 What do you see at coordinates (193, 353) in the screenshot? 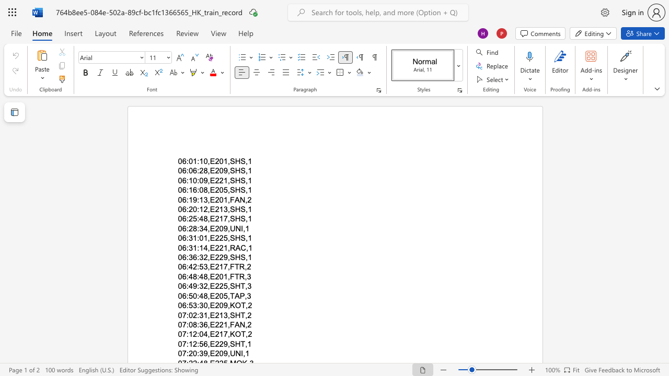
I see `the subset text "0:39,E209,UNI,1" within the text "07:20:39,E209,UNI,1"` at bounding box center [193, 353].